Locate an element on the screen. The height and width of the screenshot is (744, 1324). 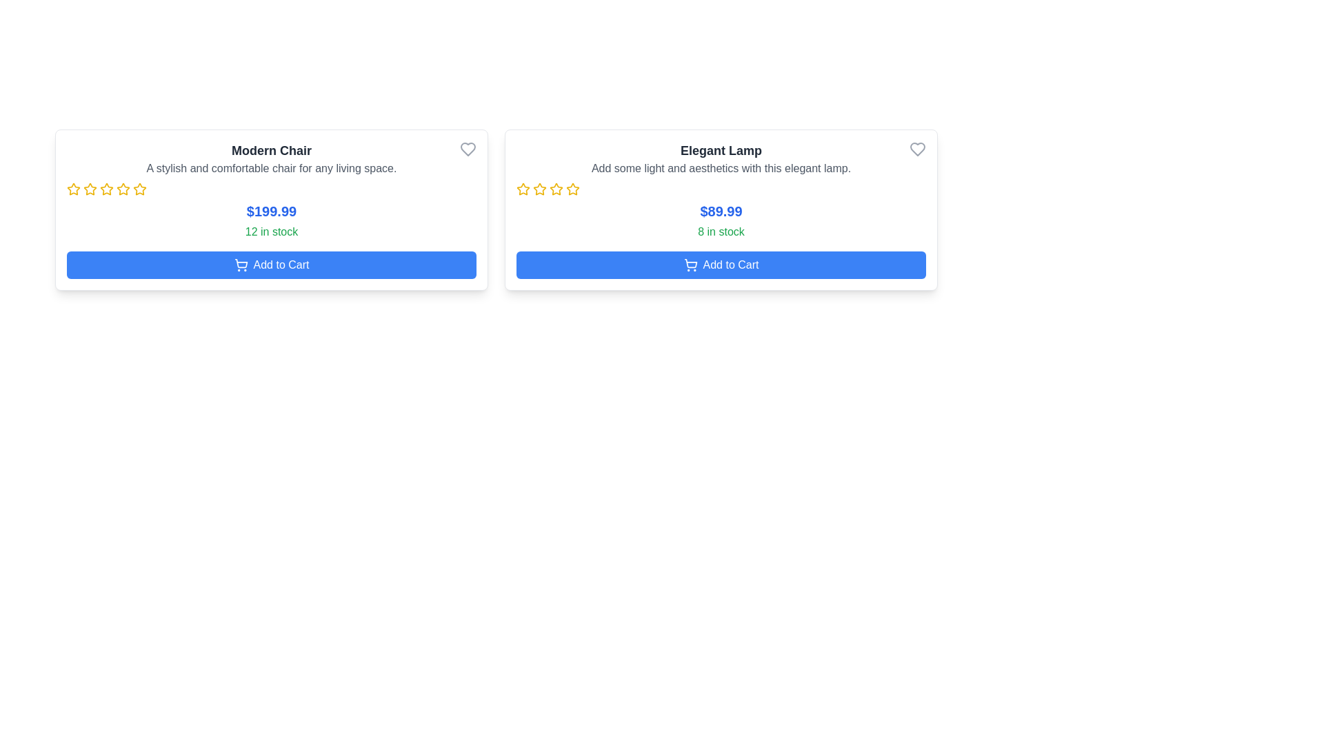
stock availability information displayed in the text label located beneath the price of the product card titled 'Modern Chair' is located at coordinates (271, 231).